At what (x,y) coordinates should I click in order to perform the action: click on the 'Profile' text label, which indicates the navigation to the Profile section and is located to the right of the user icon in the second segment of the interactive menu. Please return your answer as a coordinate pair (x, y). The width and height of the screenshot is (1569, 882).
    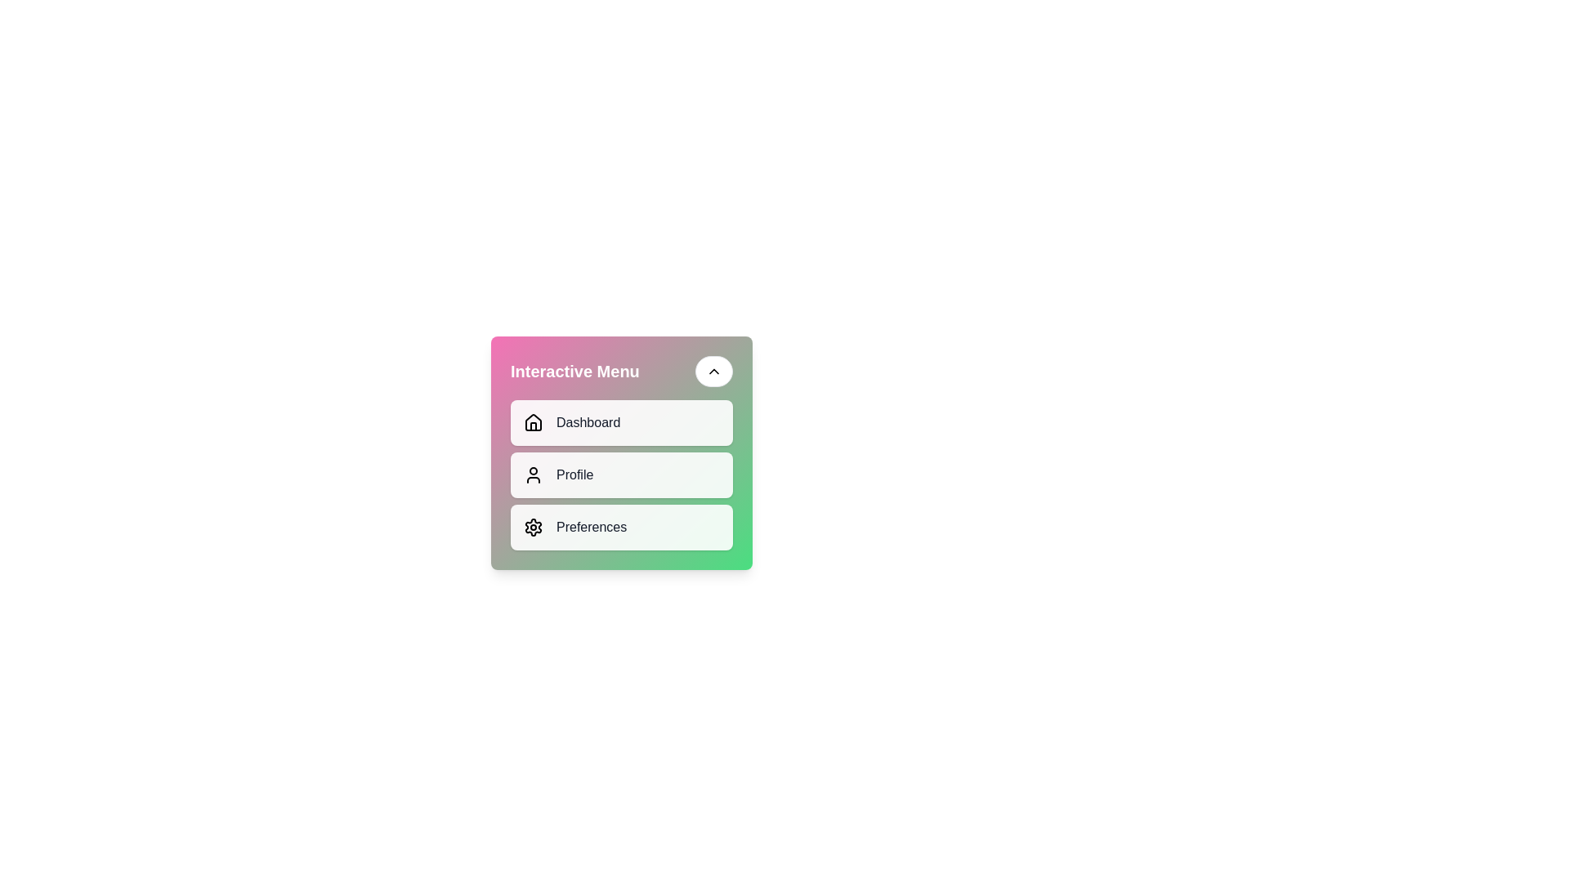
    Looking at the image, I should click on (574, 475).